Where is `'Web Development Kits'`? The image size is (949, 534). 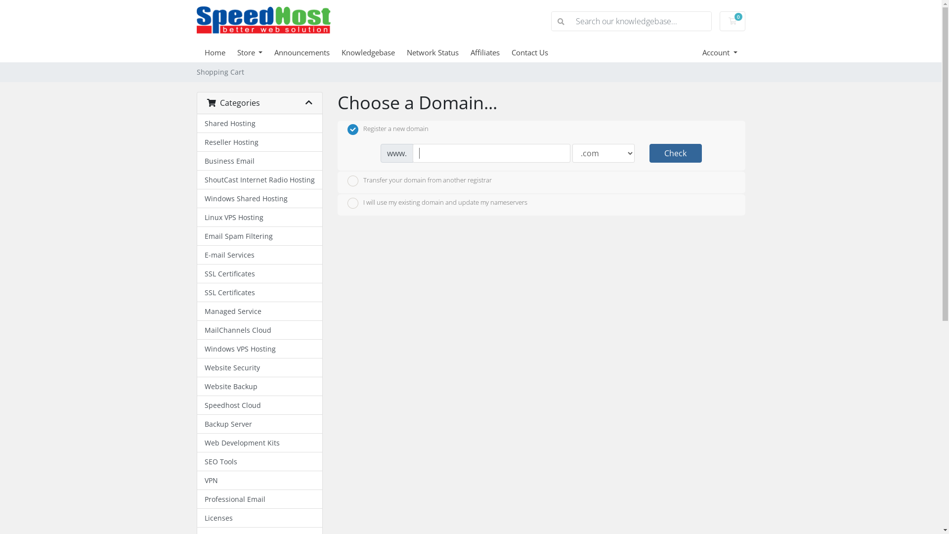 'Web Development Kits' is located at coordinates (259, 442).